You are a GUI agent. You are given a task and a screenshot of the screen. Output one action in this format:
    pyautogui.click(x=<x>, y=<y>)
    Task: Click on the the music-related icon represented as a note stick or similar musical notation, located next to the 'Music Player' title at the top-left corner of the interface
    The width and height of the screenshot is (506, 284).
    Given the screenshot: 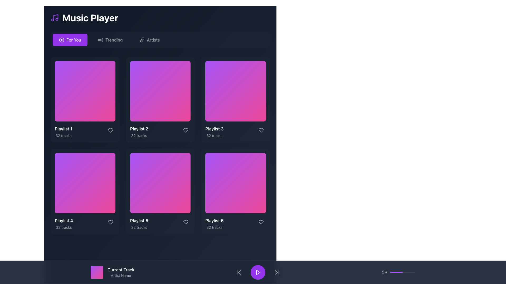 What is the action you would take?
    pyautogui.click(x=56, y=17)
    